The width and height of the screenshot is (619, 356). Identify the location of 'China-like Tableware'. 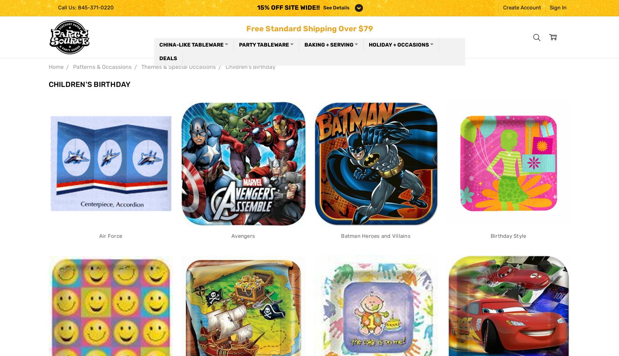
(191, 44).